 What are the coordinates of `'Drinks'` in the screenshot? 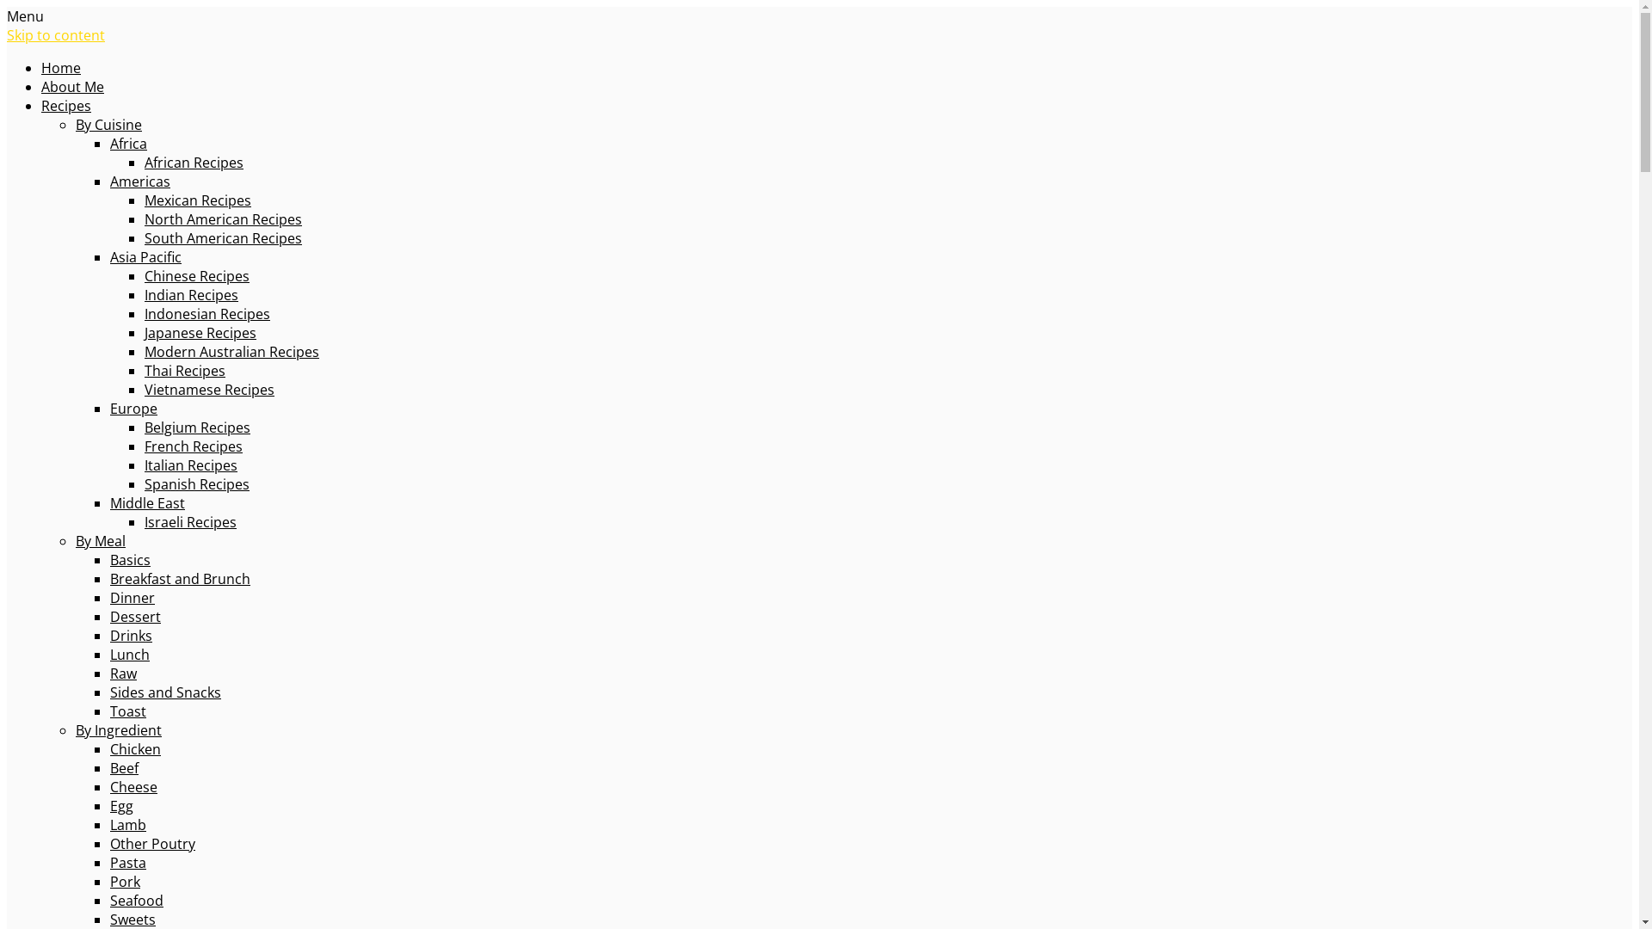 It's located at (130, 636).